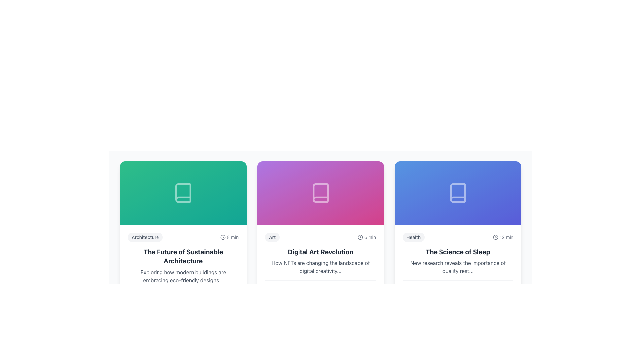 Image resolution: width=634 pixels, height=357 pixels. What do you see at coordinates (507, 292) in the screenshot?
I see `the share button located at the bottom right of the third article card titled 'The Science of Sleep' to share the article` at bounding box center [507, 292].